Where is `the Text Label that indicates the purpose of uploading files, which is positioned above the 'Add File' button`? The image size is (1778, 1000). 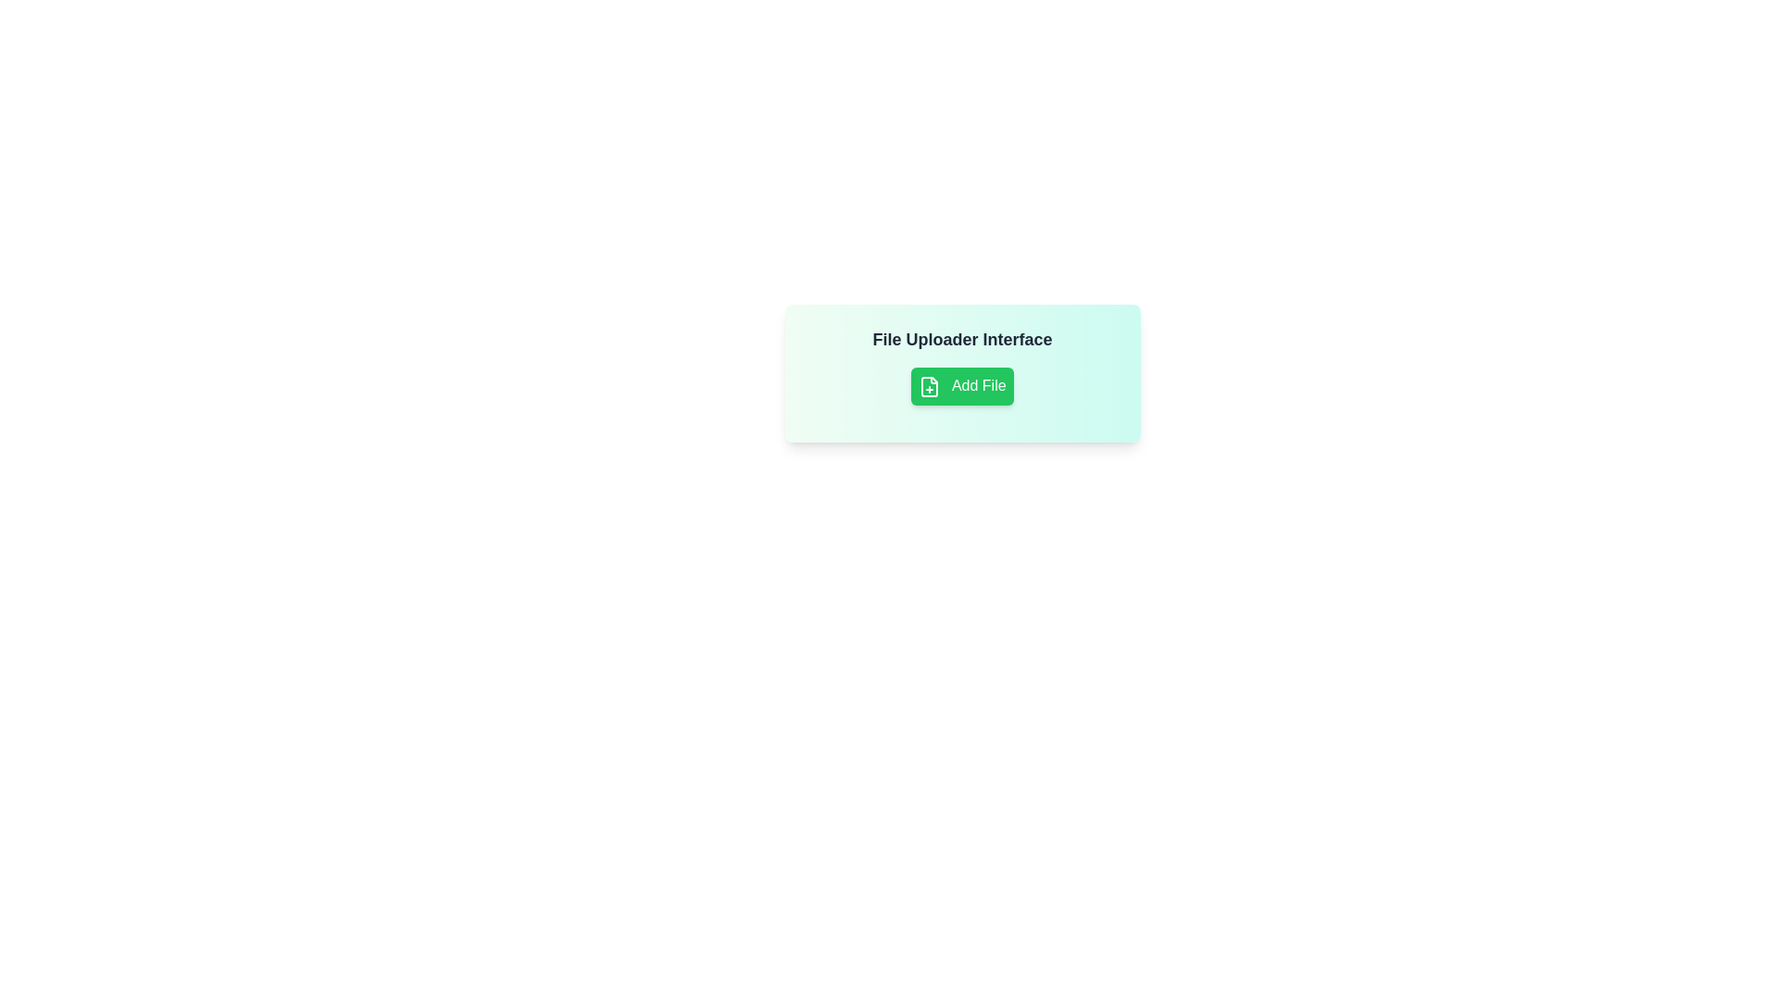
the Text Label that indicates the purpose of uploading files, which is positioned above the 'Add File' button is located at coordinates (962, 339).